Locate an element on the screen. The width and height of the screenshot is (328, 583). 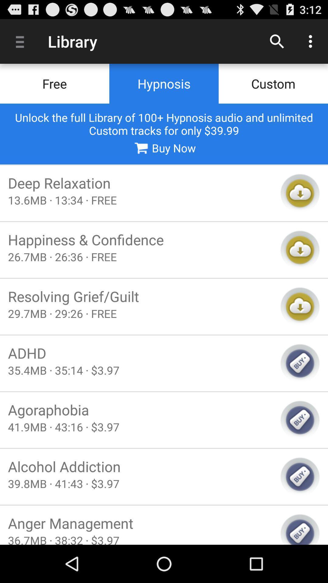
13 6mb 13 item is located at coordinates (140, 200).